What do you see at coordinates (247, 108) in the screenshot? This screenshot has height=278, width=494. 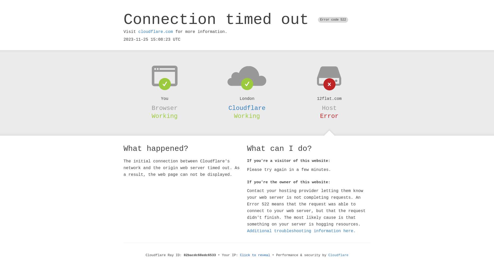 I see `'Cloudflare'` at bounding box center [247, 108].